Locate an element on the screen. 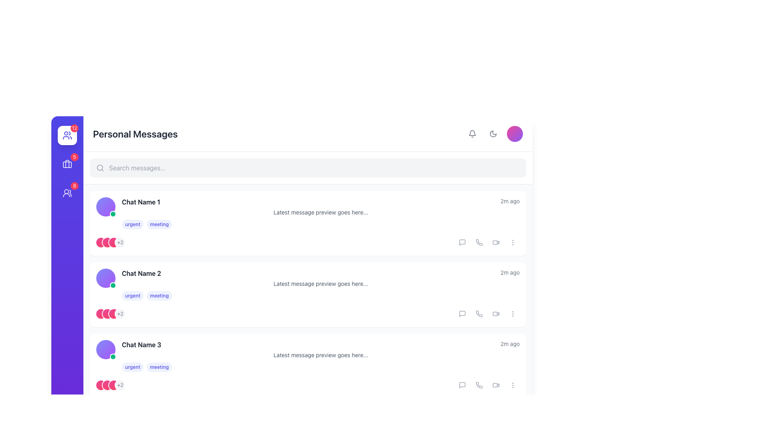 The width and height of the screenshot is (770, 433). the moon-like icon in the upper-right corner of the interface is located at coordinates (492, 134).